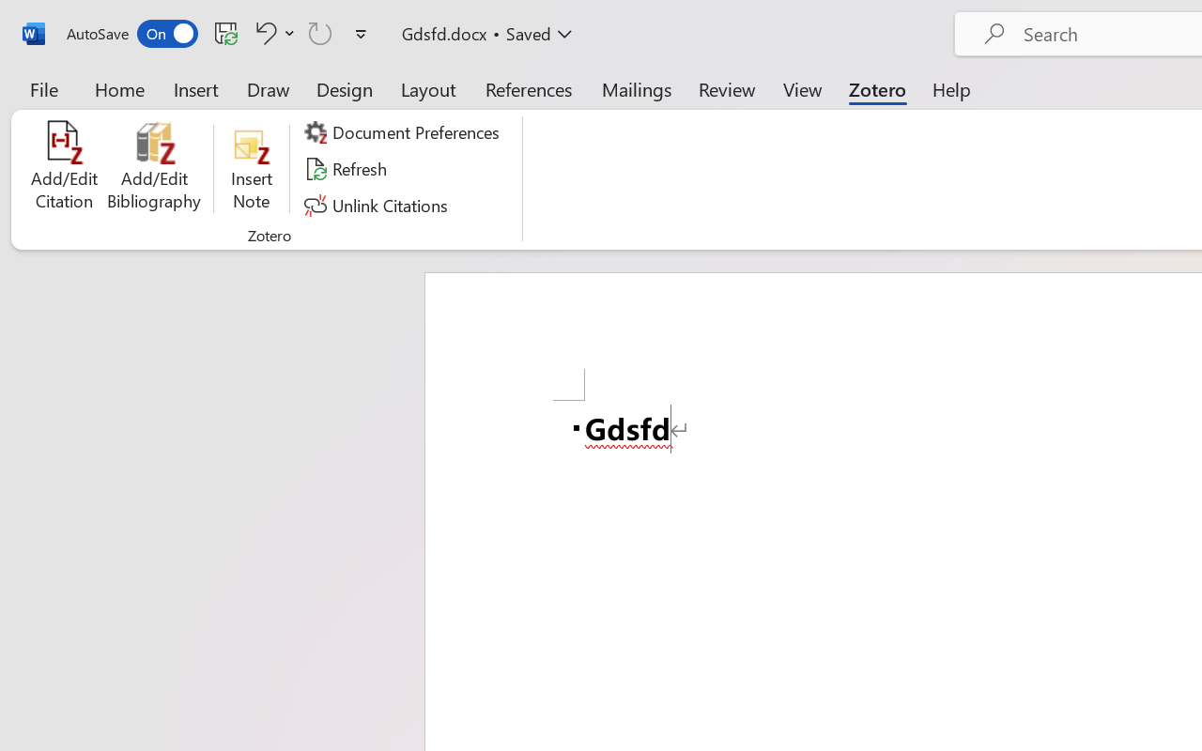  I want to click on 'Can', so click(320, 32).